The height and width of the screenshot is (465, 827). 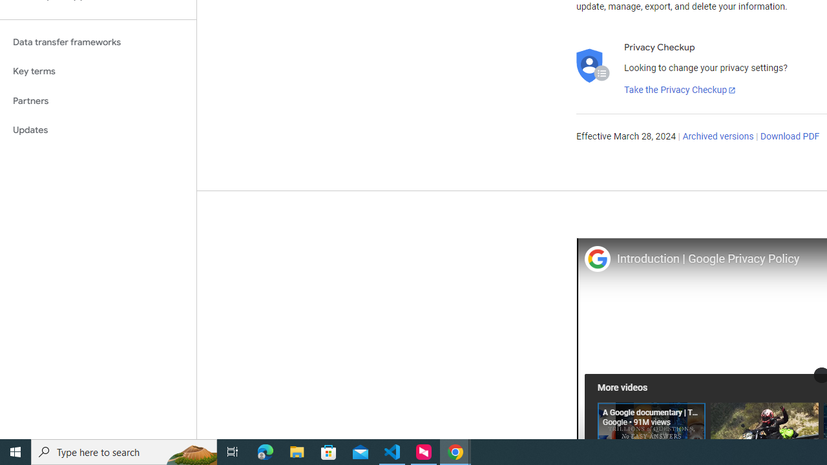 I want to click on 'Photo image of Google', so click(x=596, y=258).